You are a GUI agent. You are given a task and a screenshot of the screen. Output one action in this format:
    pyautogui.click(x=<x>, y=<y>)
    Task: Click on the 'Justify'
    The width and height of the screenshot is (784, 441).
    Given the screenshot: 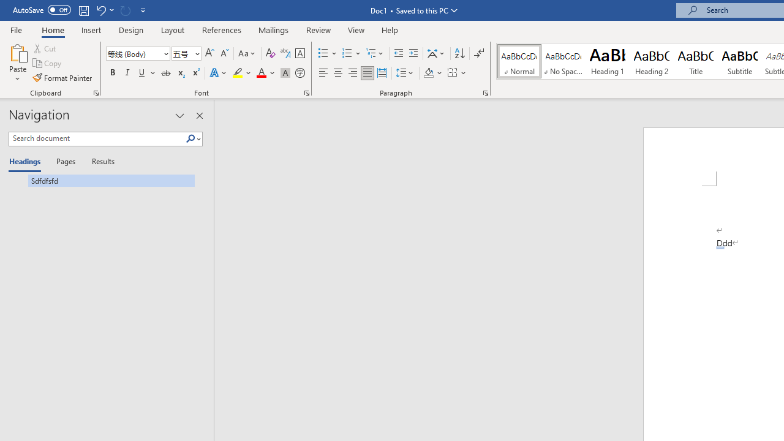 What is the action you would take?
    pyautogui.click(x=366, y=73)
    